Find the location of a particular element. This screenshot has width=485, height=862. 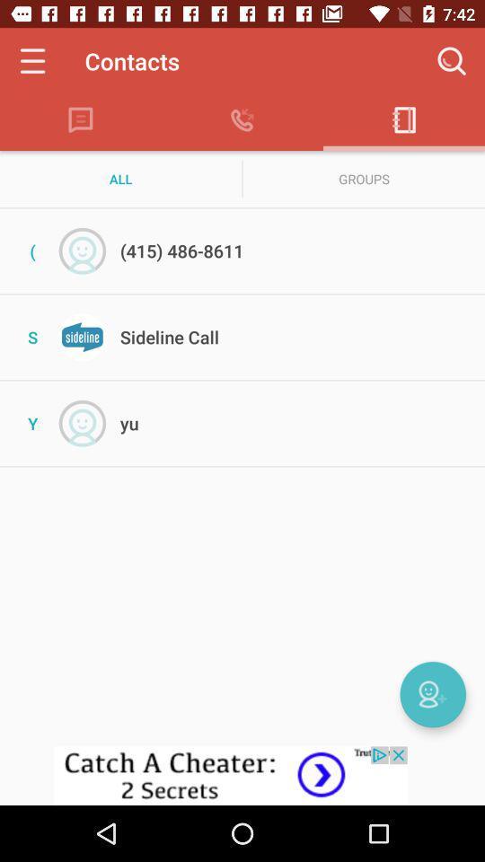

add option is located at coordinates (432, 693).